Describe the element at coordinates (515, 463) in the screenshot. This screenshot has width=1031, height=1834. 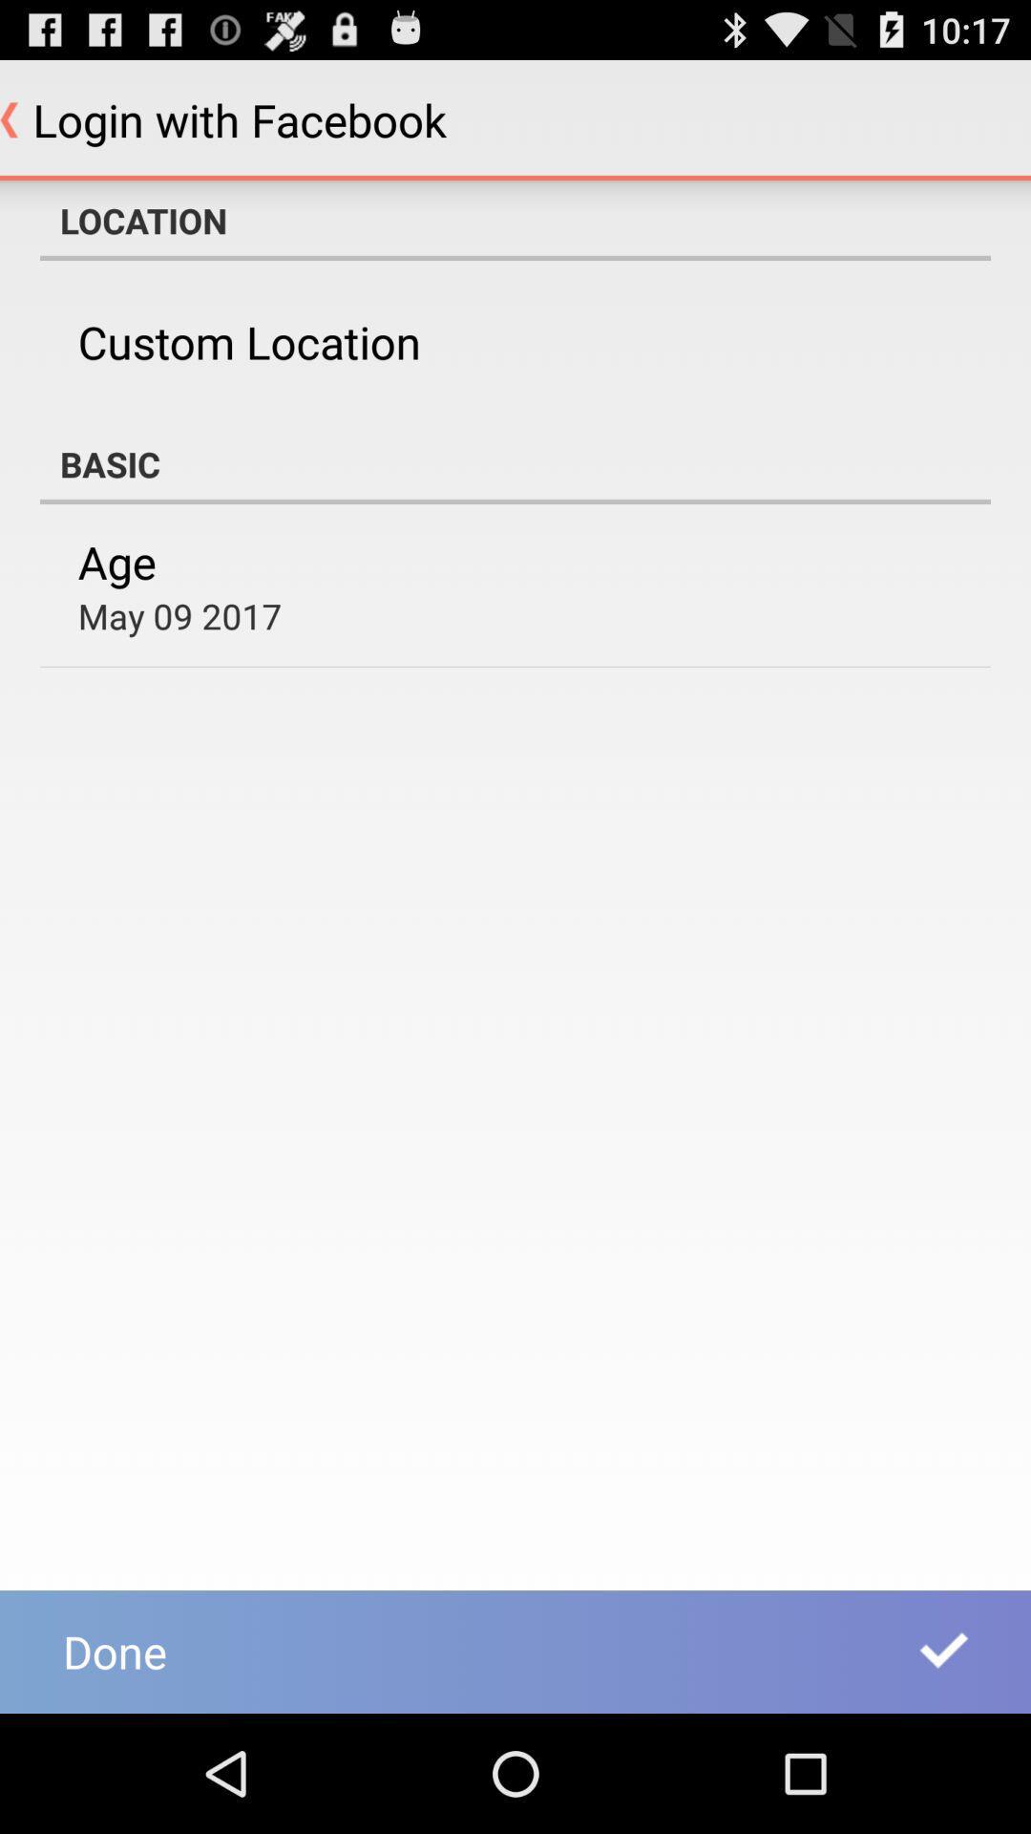
I see `the item above the age` at that location.